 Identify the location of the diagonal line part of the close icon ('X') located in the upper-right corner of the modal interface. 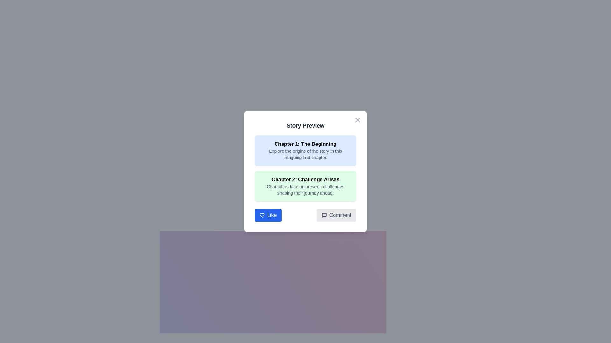
(357, 120).